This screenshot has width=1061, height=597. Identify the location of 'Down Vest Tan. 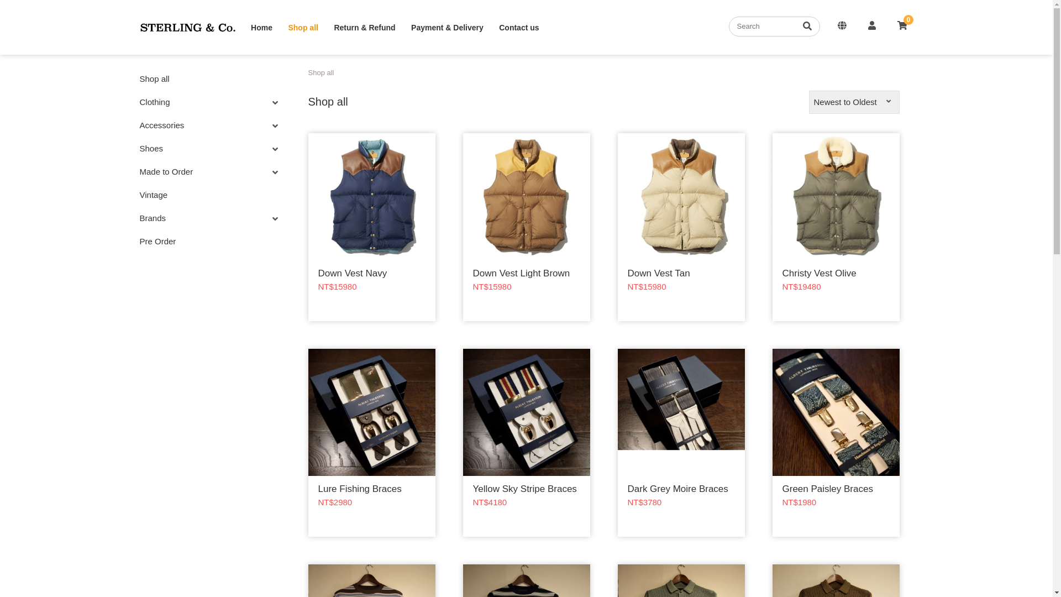
(681, 227).